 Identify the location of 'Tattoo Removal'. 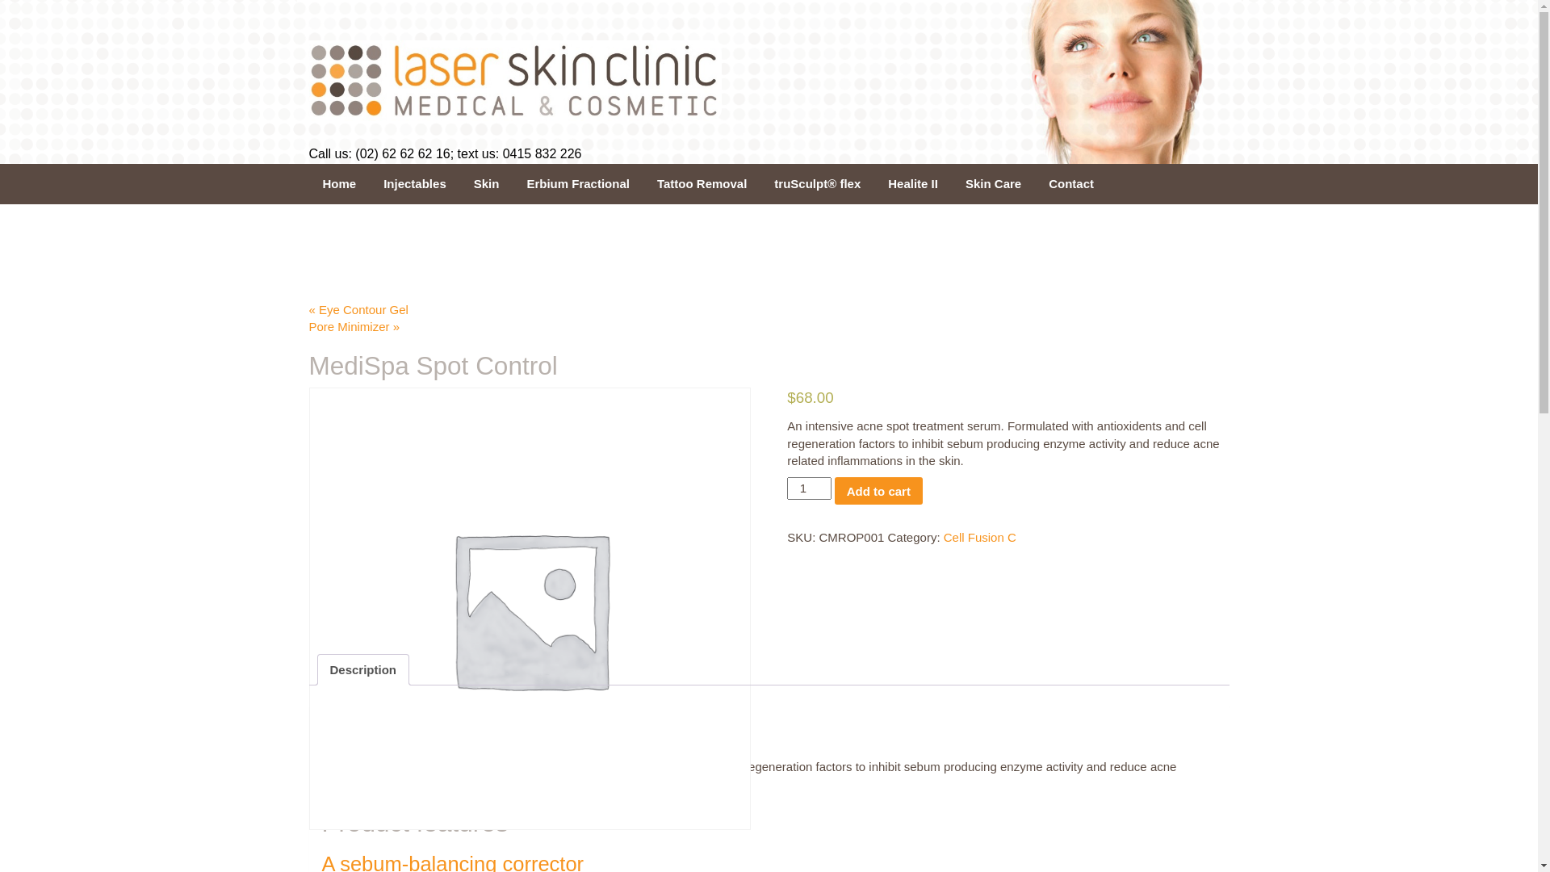
(702, 182).